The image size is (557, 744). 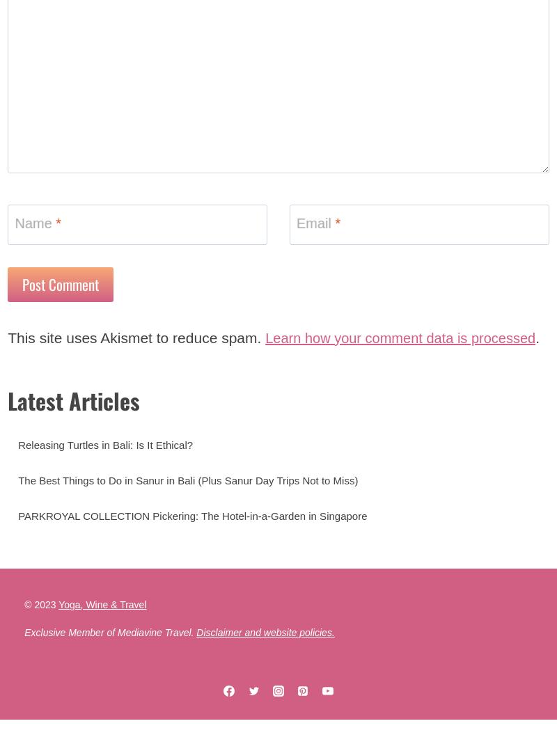 What do you see at coordinates (76, 375) in the screenshot?
I see `'.'` at bounding box center [76, 375].